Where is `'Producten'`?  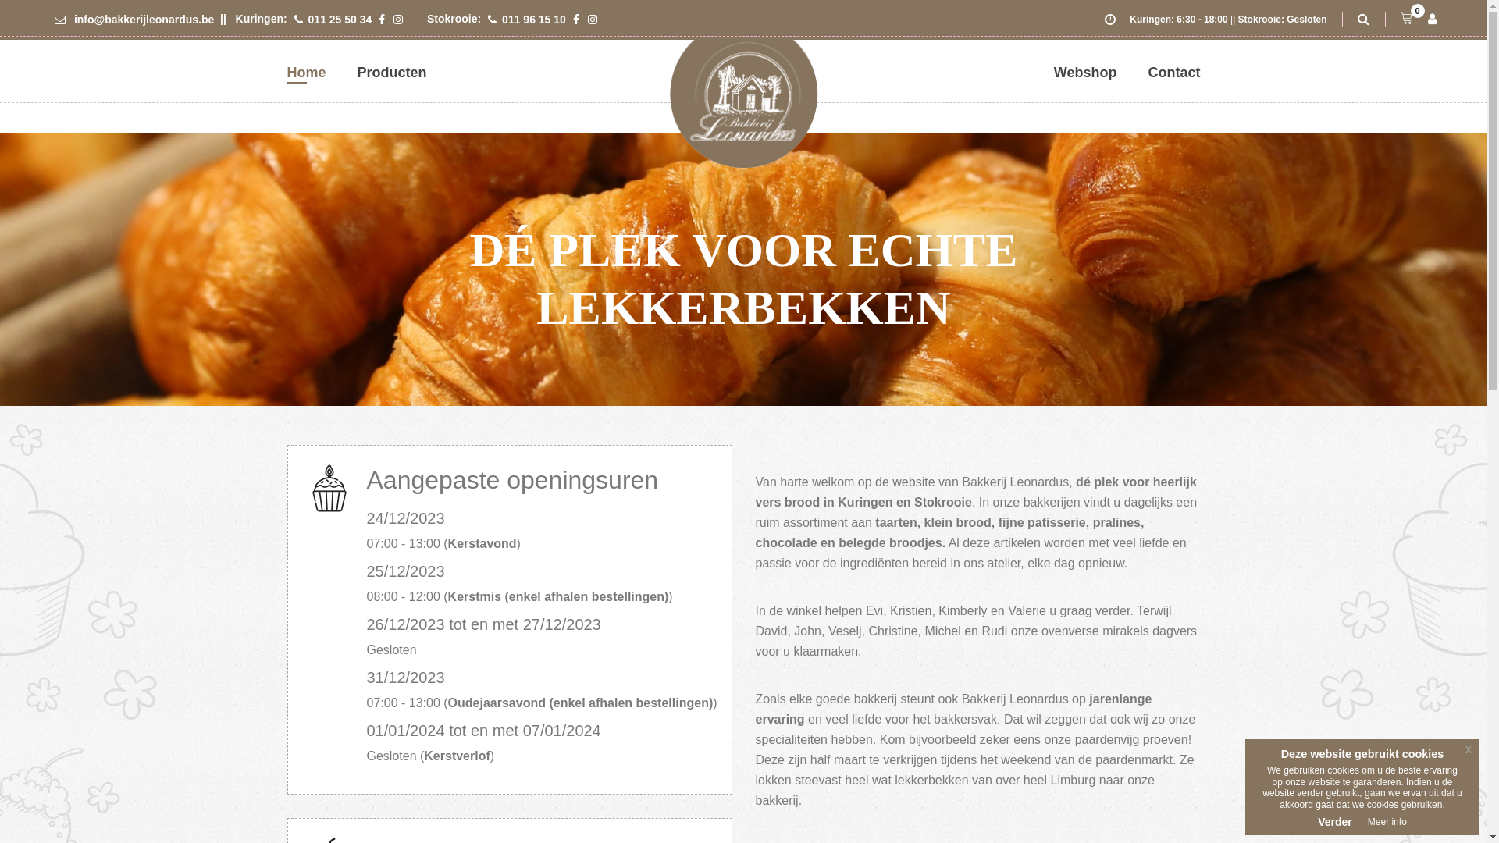
'Producten' is located at coordinates (392, 72).